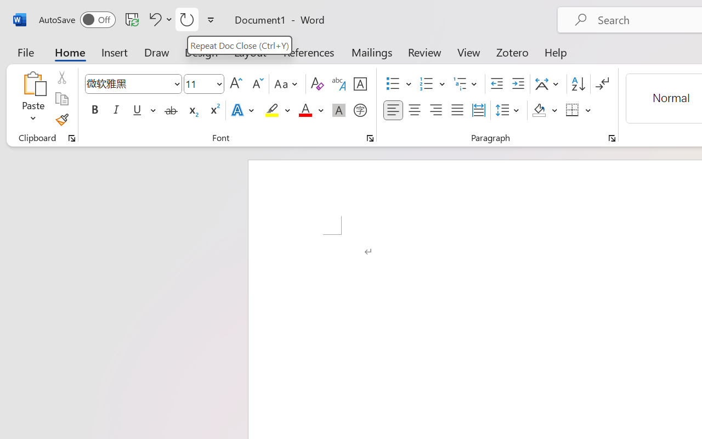 This screenshot has height=439, width=702. Describe the element at coordinates (158, 19) in the screenshot. I see `'Undo <ApplyStyleToDoc>b__0'` at that location.